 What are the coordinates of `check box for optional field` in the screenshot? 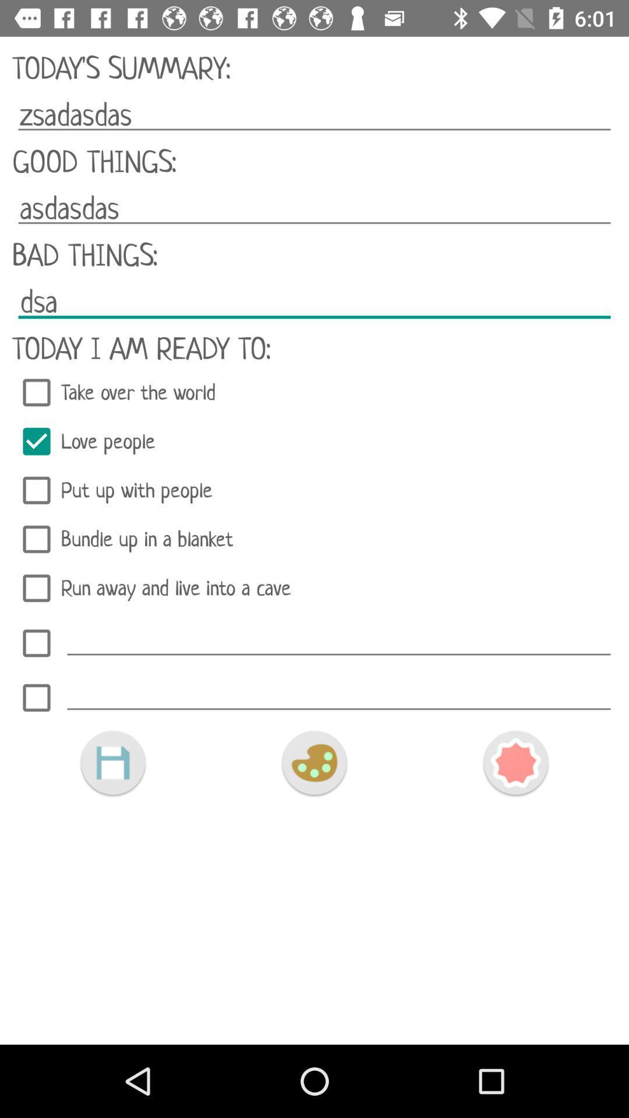 It's located at (36, 642).